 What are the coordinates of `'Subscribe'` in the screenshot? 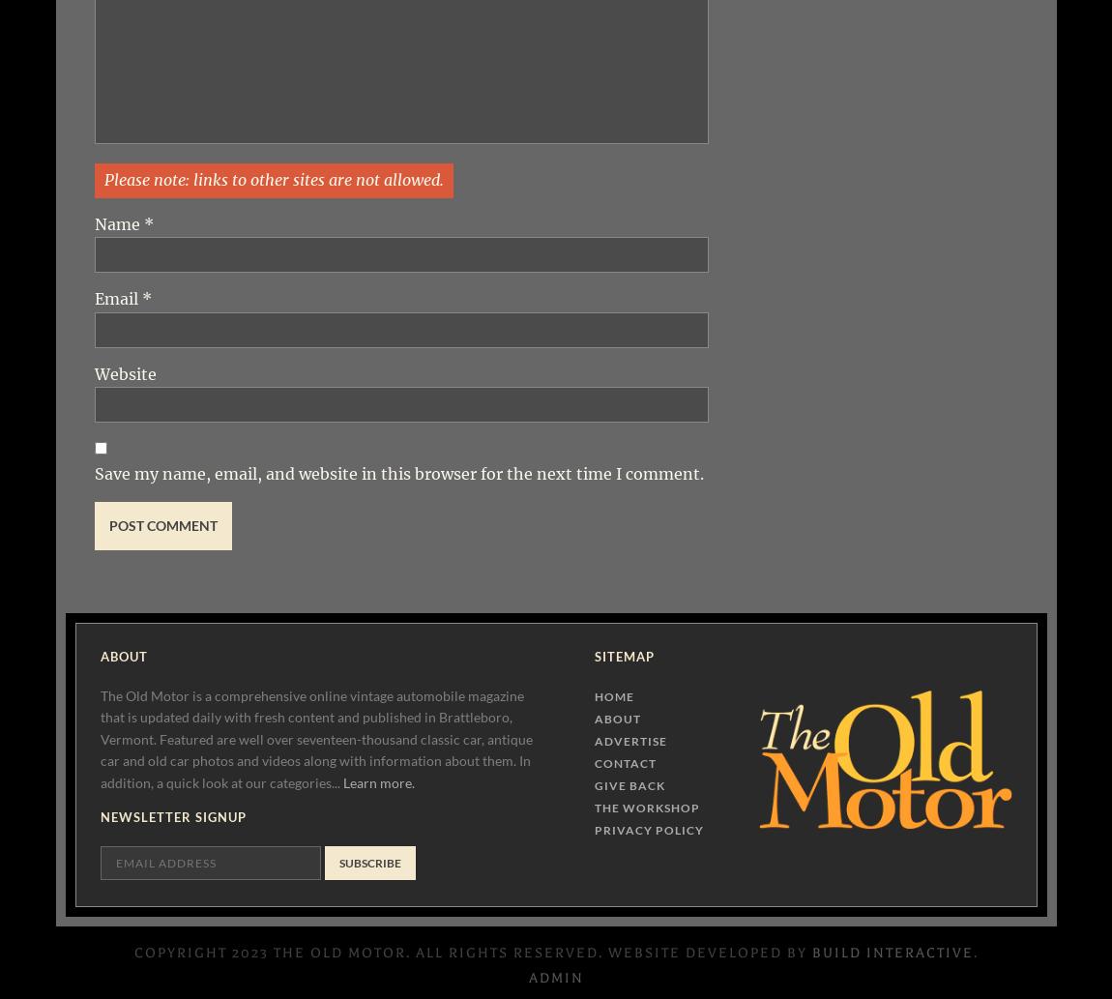 It's located at (337, 862).